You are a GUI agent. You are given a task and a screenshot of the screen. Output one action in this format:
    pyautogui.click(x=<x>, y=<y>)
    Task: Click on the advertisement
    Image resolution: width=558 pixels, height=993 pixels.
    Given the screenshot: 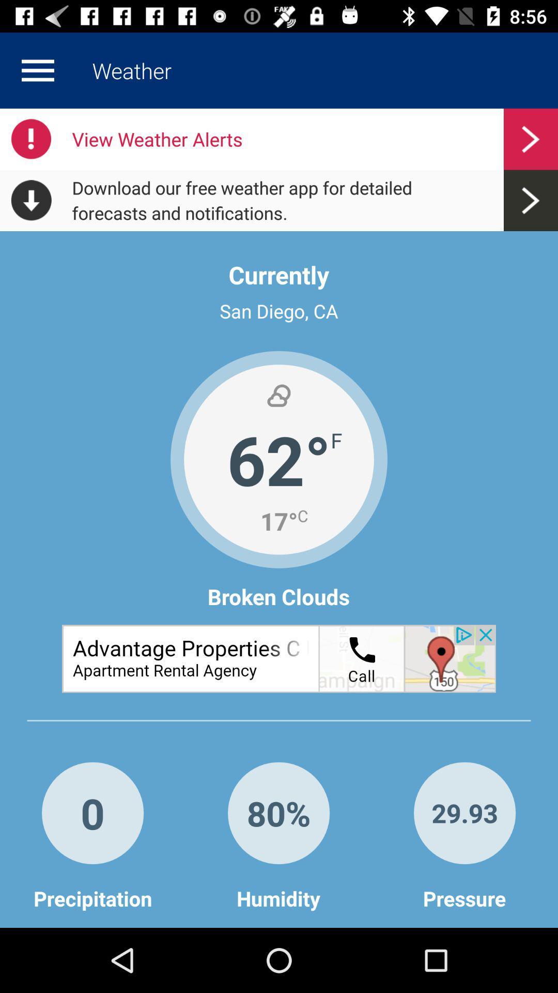 What is the action you would take?
    pyautogui.click(x=279, y=658)
    